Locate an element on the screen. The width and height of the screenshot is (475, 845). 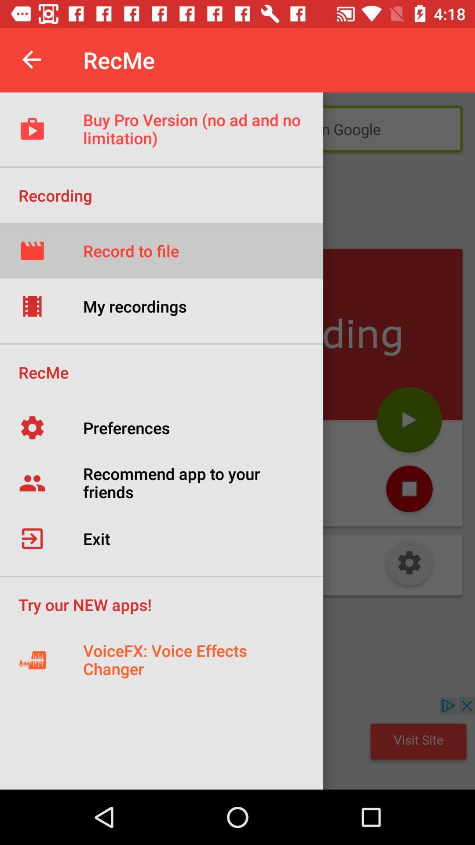
advertisement is located at coordinates (237, 743).